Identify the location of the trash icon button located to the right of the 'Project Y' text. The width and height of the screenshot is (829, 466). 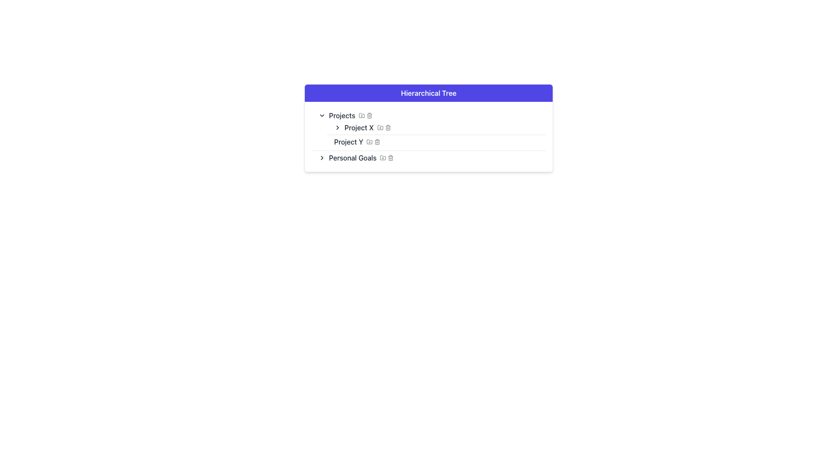
(377, 141).